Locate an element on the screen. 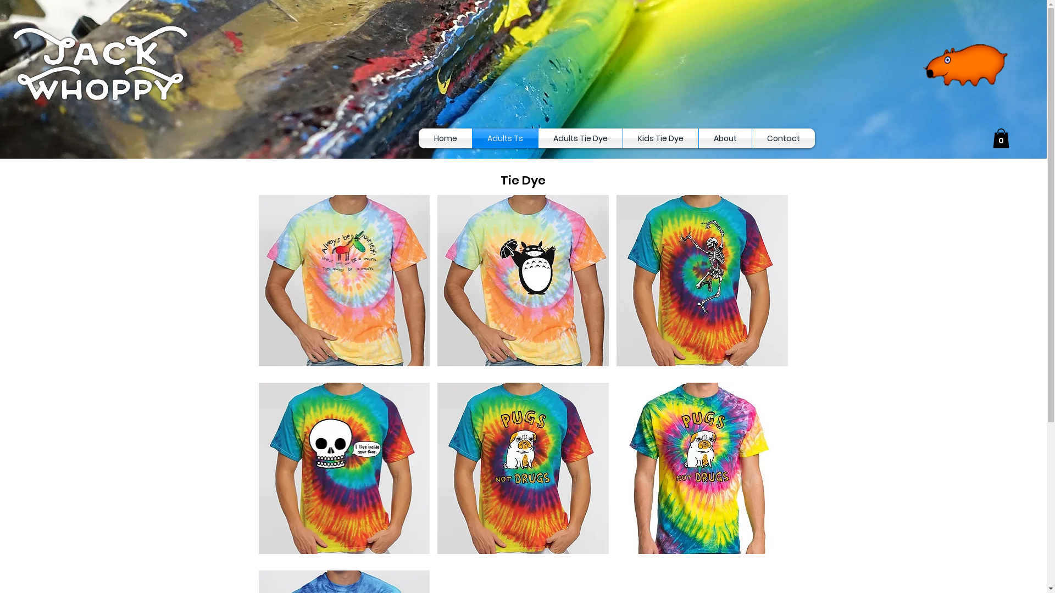 The height and width of the screenshot is (593, 1055). '0' is located at coordinates (992, 137).